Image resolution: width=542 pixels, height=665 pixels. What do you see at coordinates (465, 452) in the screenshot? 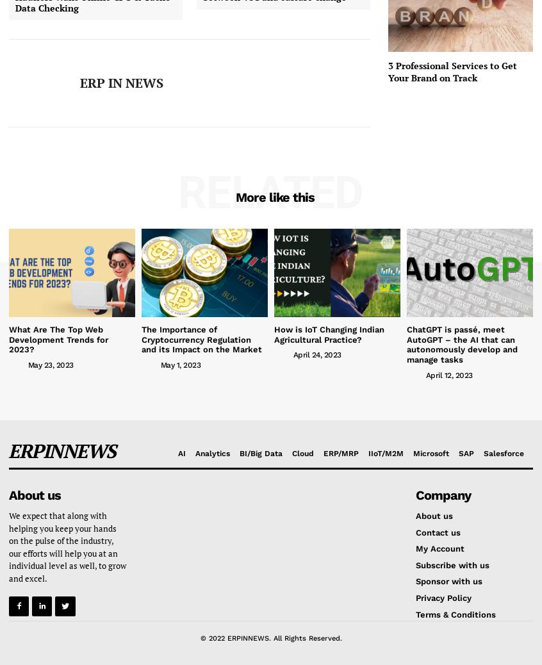
I see `'SAP'` at bounding box center [465, 452].